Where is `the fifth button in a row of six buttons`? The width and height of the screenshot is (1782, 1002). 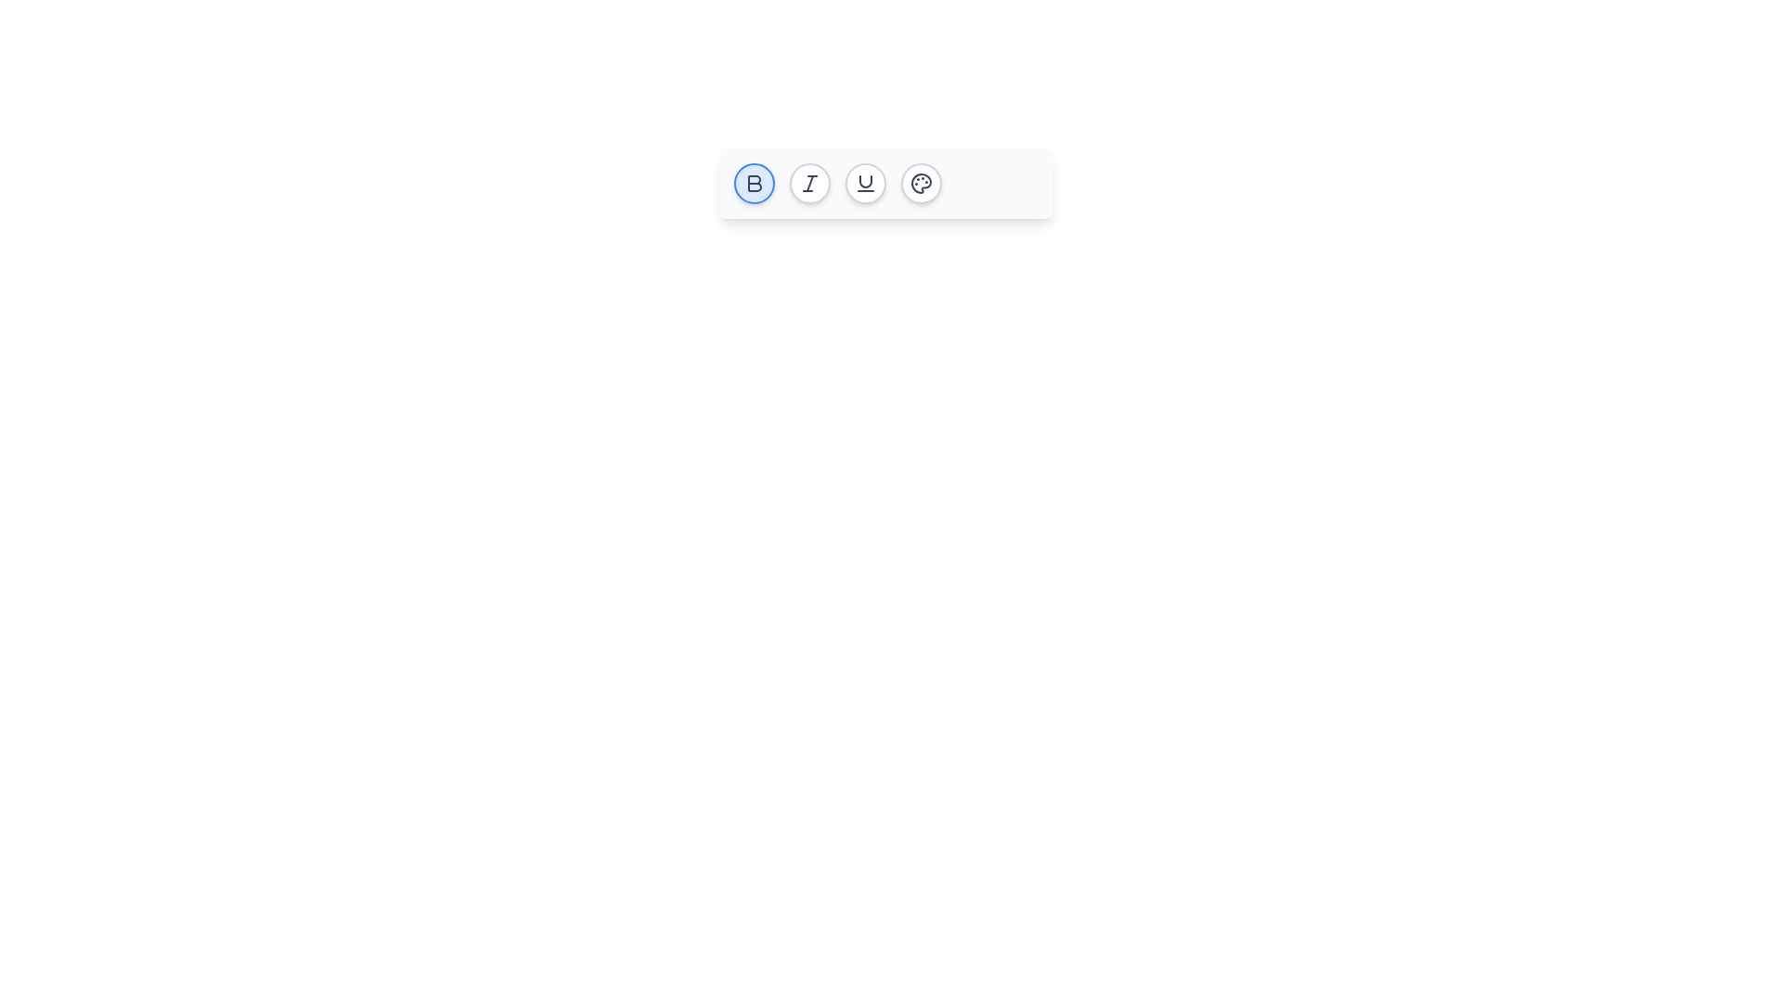 the fifth button in a row of six buttons is located at coordinates (922, 183).